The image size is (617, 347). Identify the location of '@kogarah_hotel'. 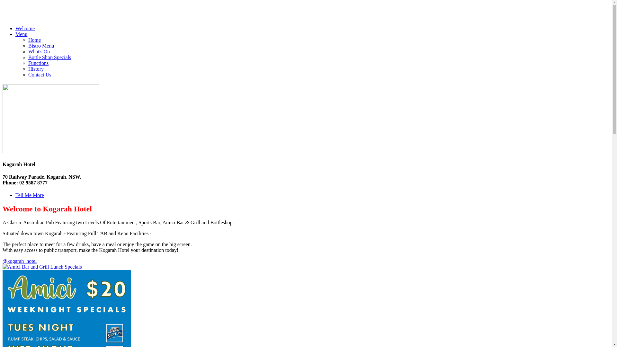
(3, 261).